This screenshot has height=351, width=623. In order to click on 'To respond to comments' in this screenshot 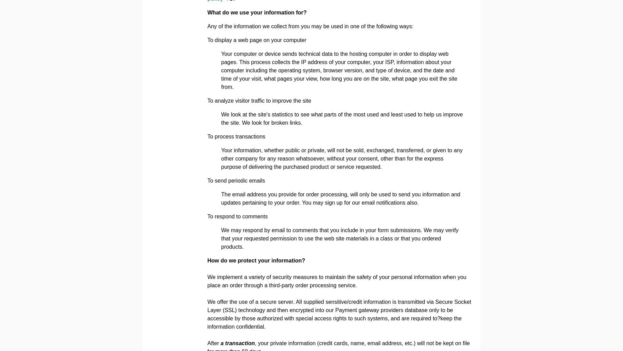, I will do `click(237, 216)`.